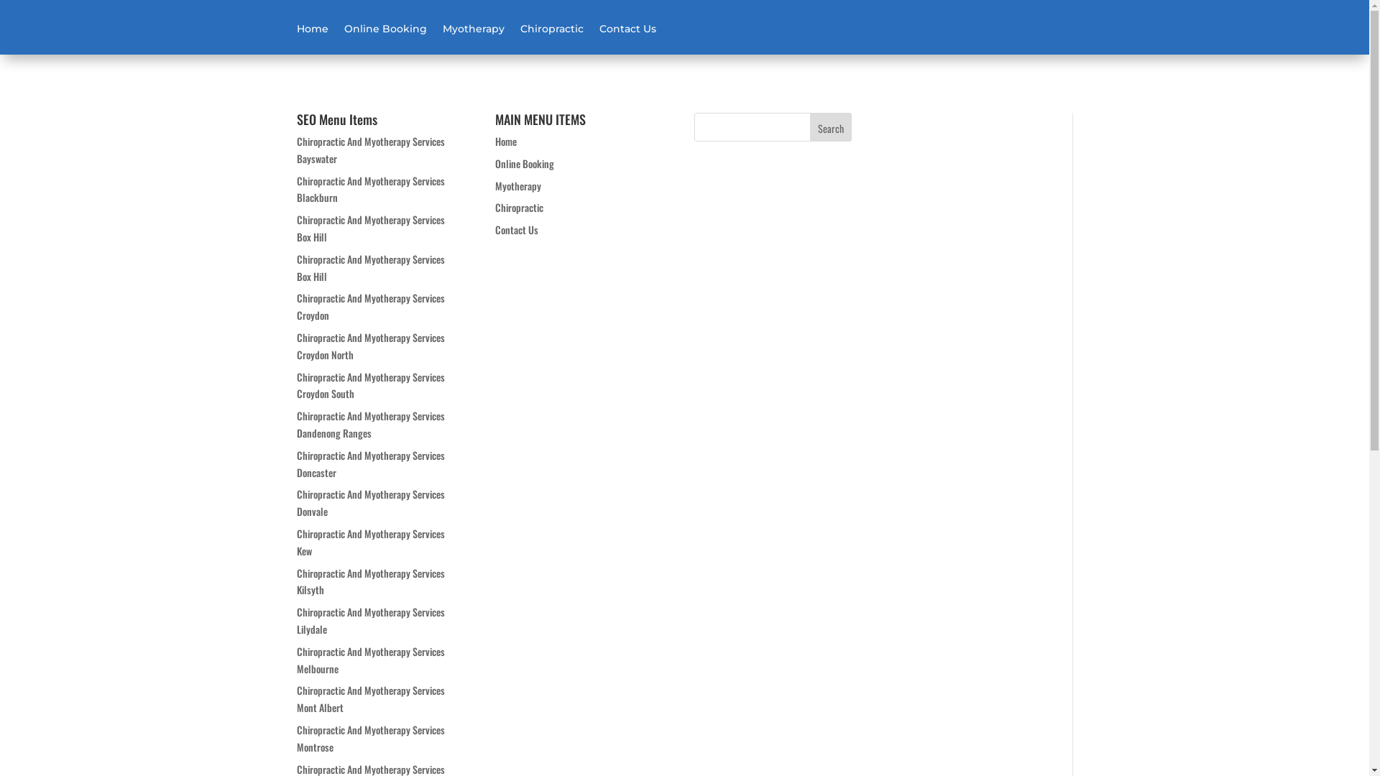  What do you see at coordinates (295, 346) in the screenshot?
I see `'Chiropractic And Myotherapy Services Croydon North'` at bounding box center [295, 346].